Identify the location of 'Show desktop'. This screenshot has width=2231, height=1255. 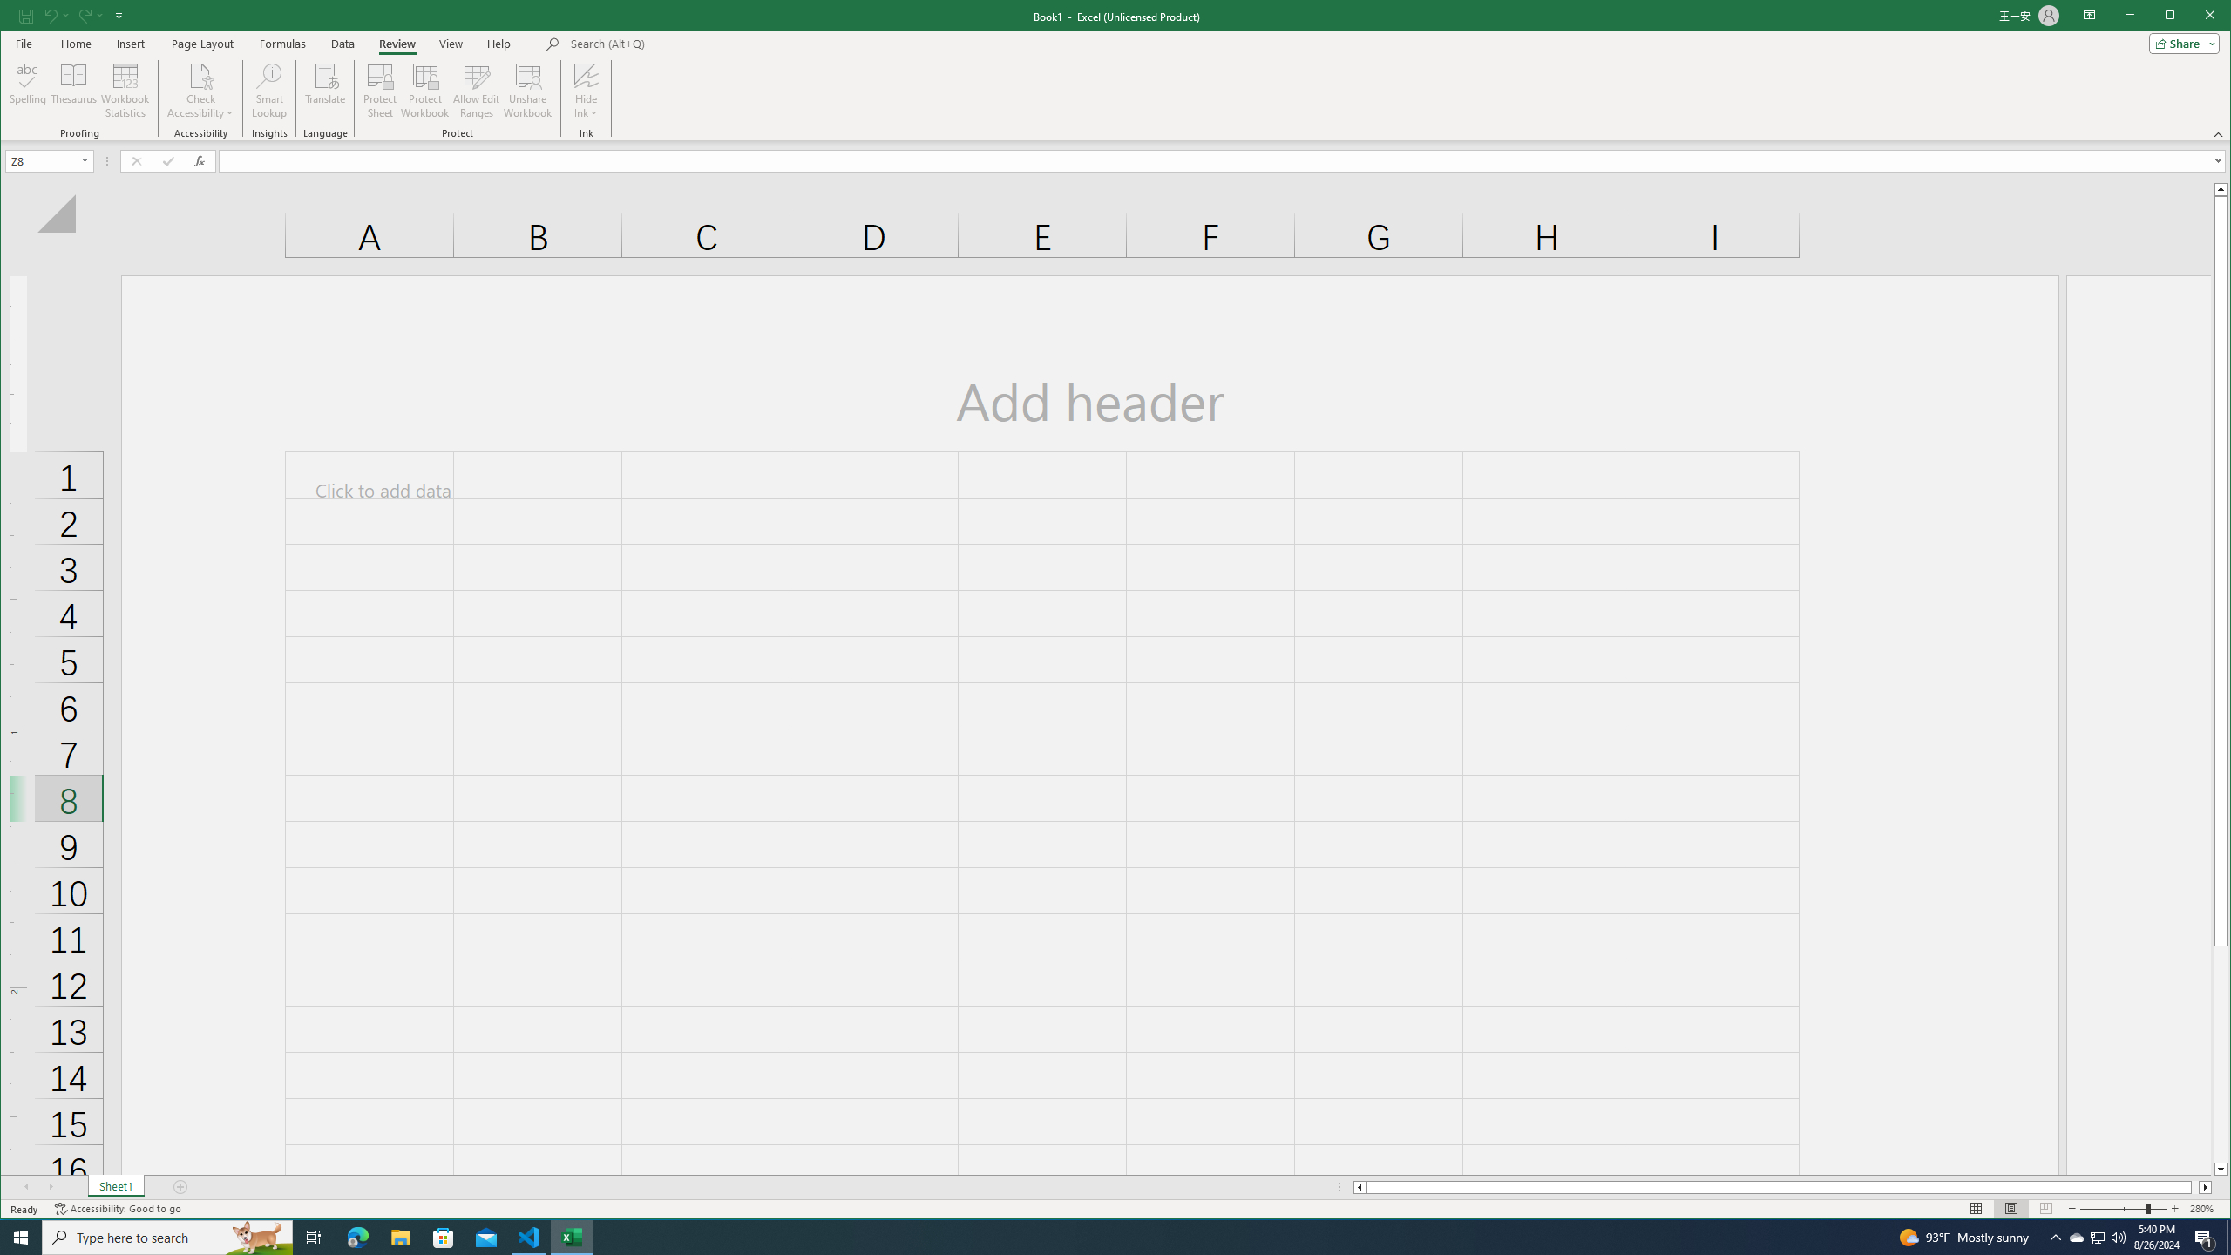
(2228, 1236).